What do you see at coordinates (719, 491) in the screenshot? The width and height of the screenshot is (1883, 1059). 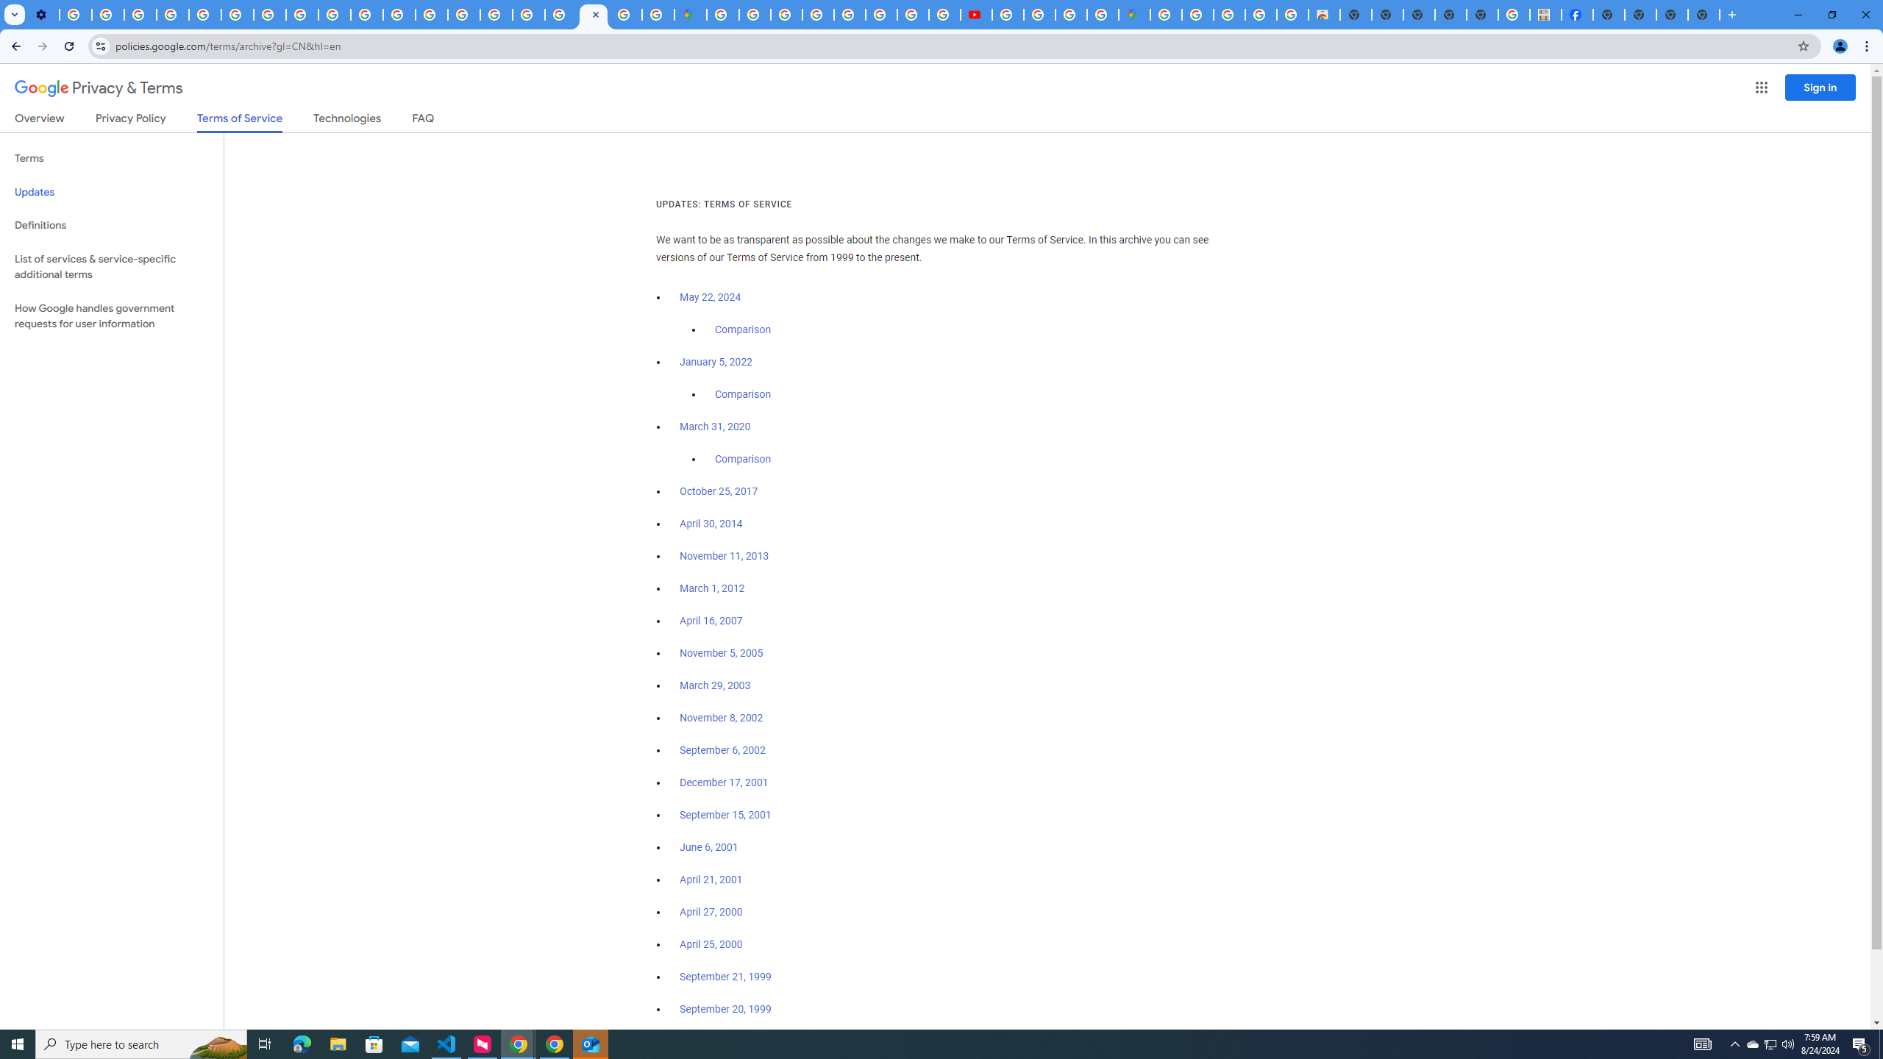 I see `'October 25, 2017'` at bounding box center [719, 491].